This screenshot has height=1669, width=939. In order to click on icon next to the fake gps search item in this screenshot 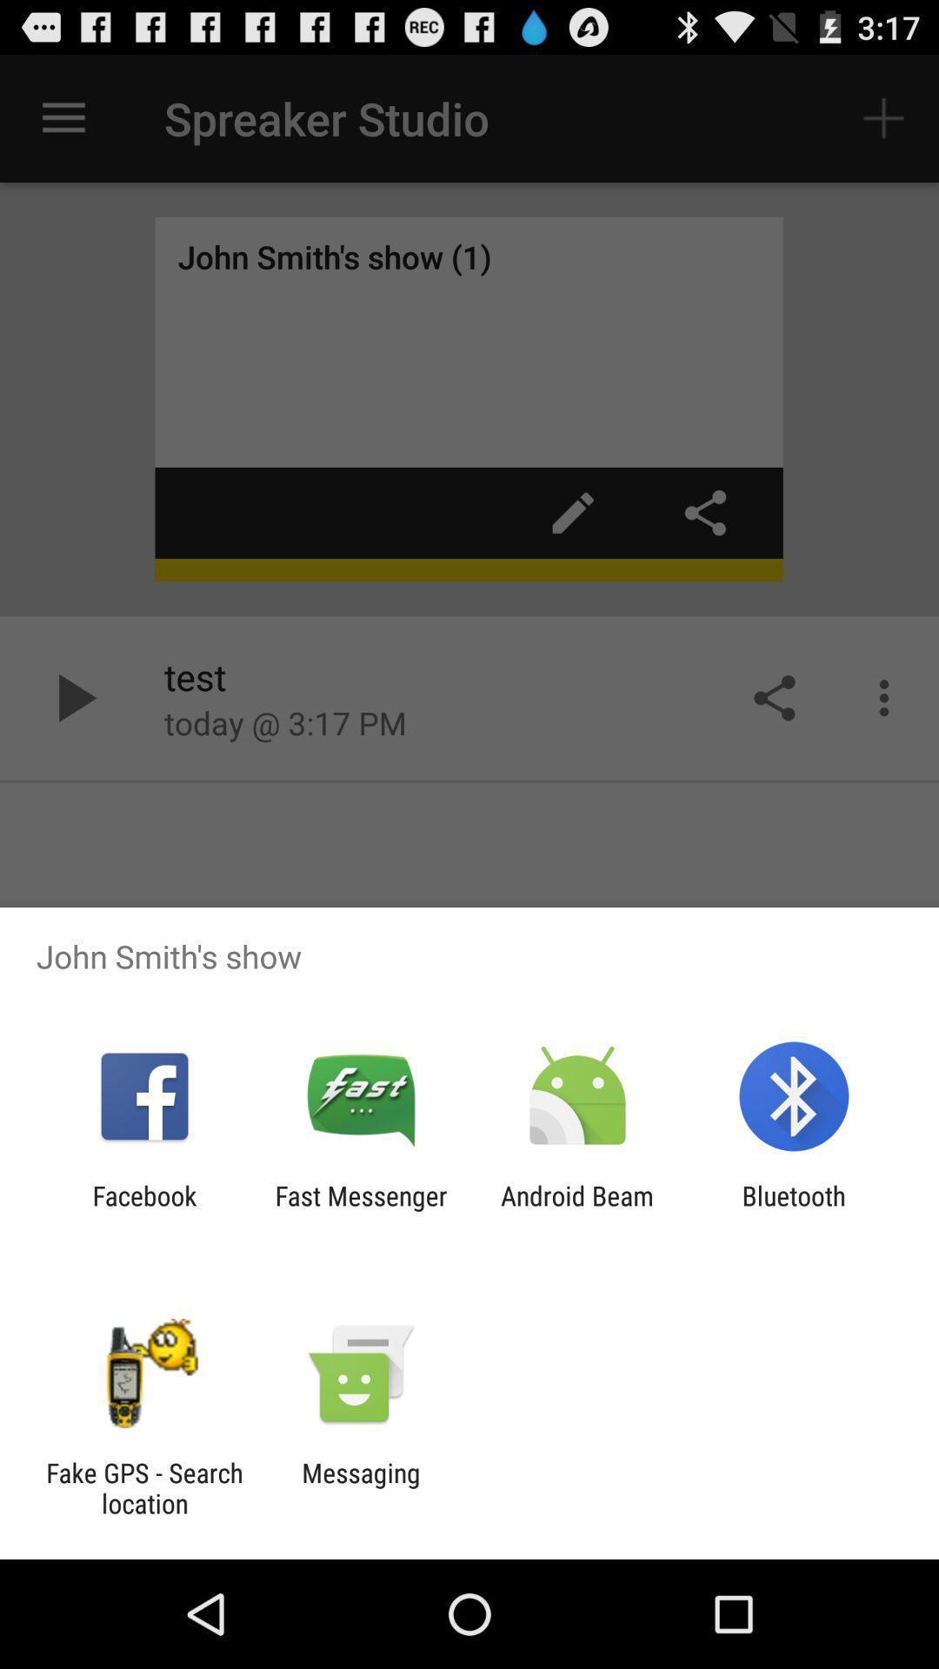, I will do `click(360, 1487)`.